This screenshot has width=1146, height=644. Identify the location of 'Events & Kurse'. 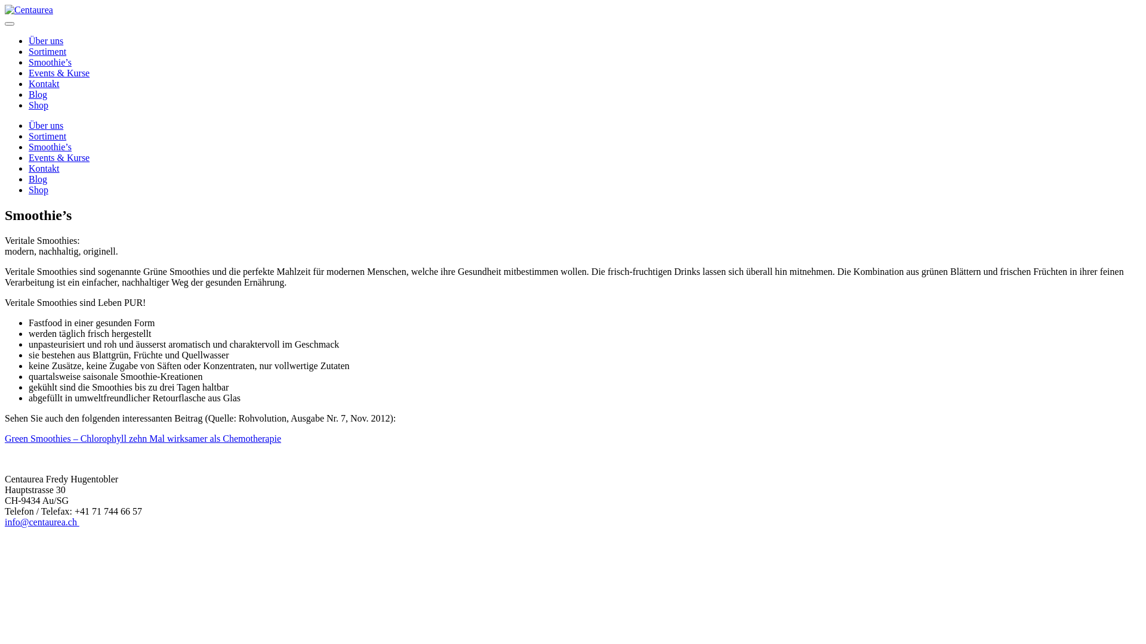
(58, 73).